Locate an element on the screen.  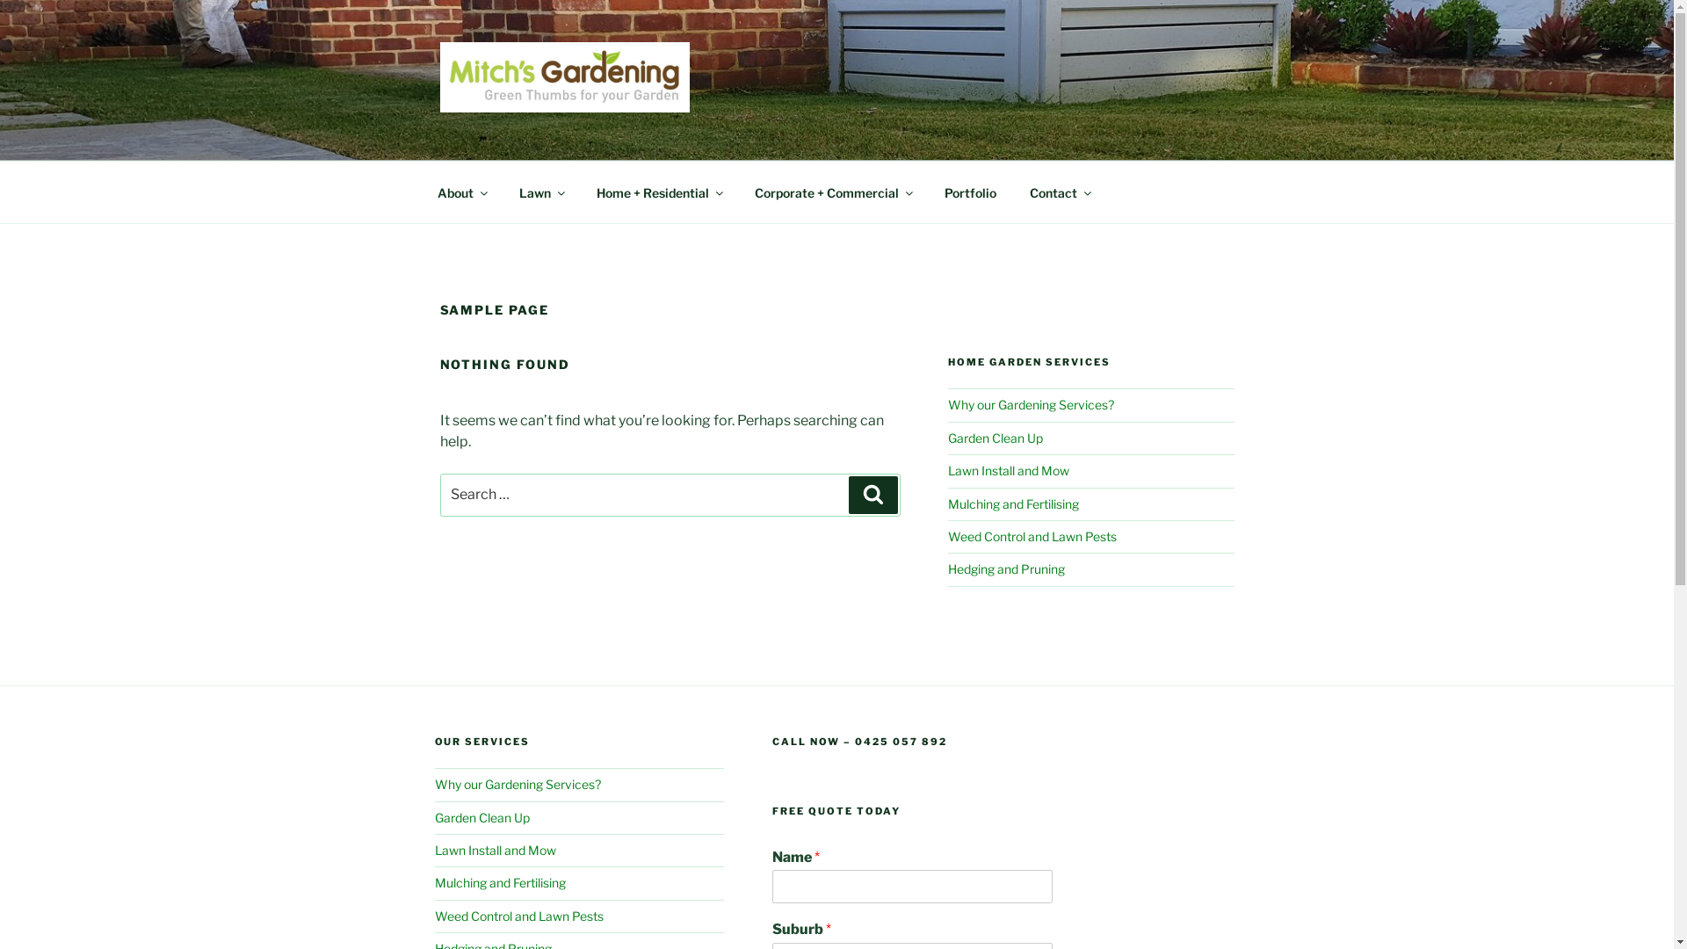
'Contact' is located at coordinates (1058, 192).